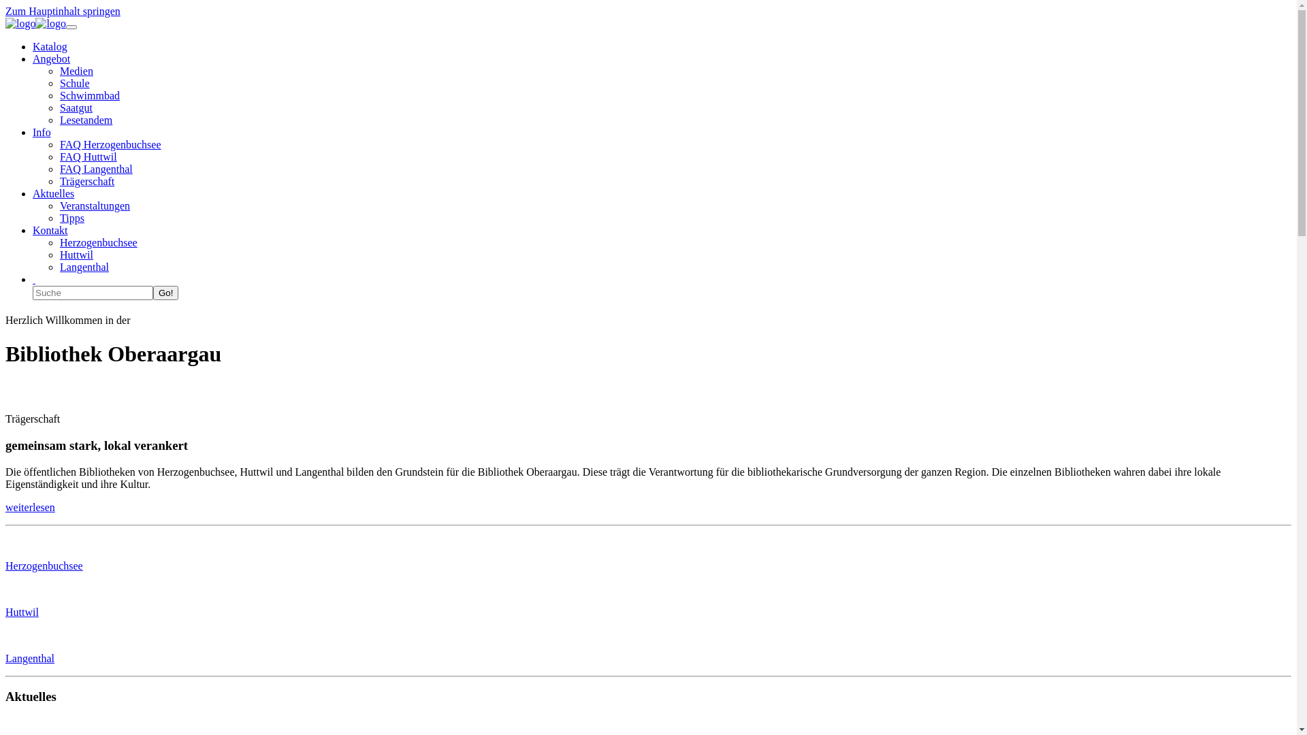 Image resolution: width=1307 pixels, height=735 pixels. What do you see at coordinates (33, 193) in the screenshot?
I see `'Aktuelles'` at bounding box center [33, 193].